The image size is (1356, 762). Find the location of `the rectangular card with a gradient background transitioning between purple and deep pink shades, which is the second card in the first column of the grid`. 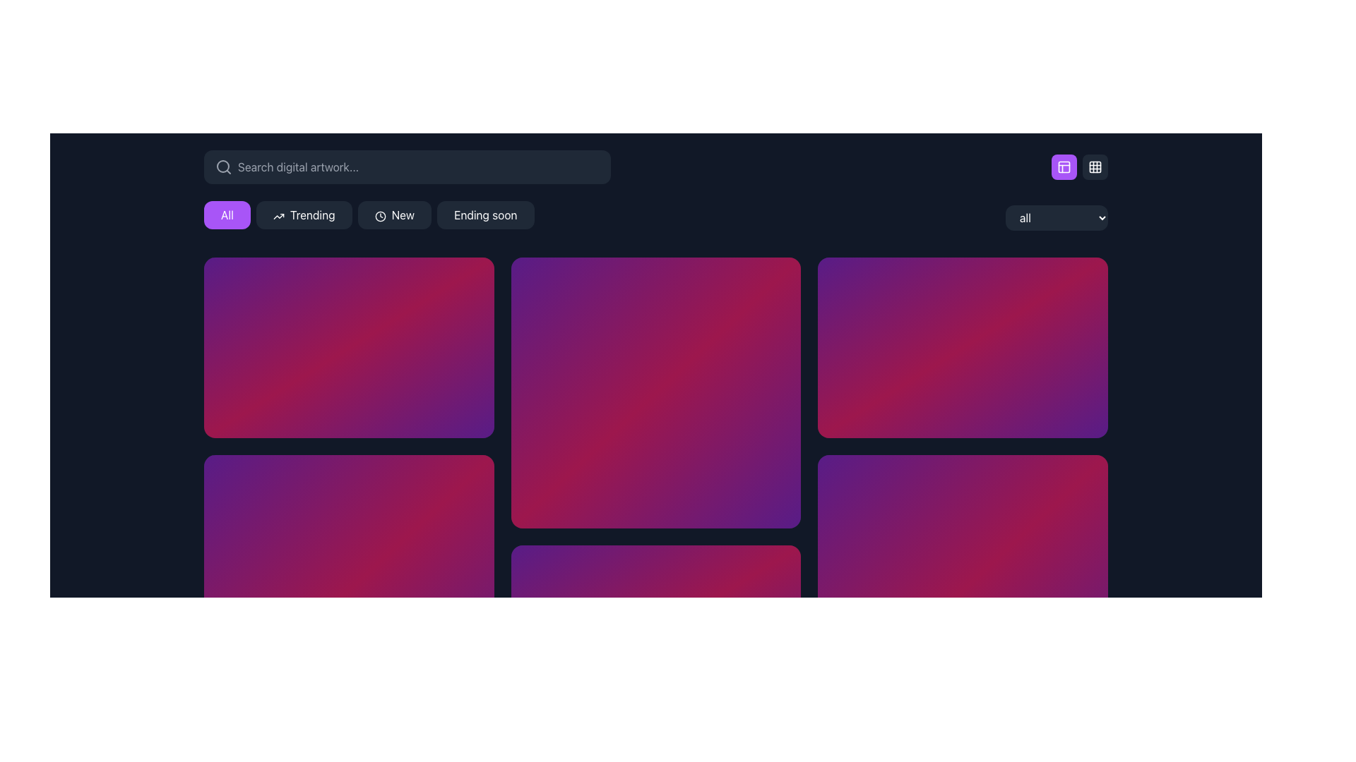

the rectangular card with a gradient background transitioning between purple and deep pink shades, which is the second card in the first column of the grid is located at coordinates (349, 591).